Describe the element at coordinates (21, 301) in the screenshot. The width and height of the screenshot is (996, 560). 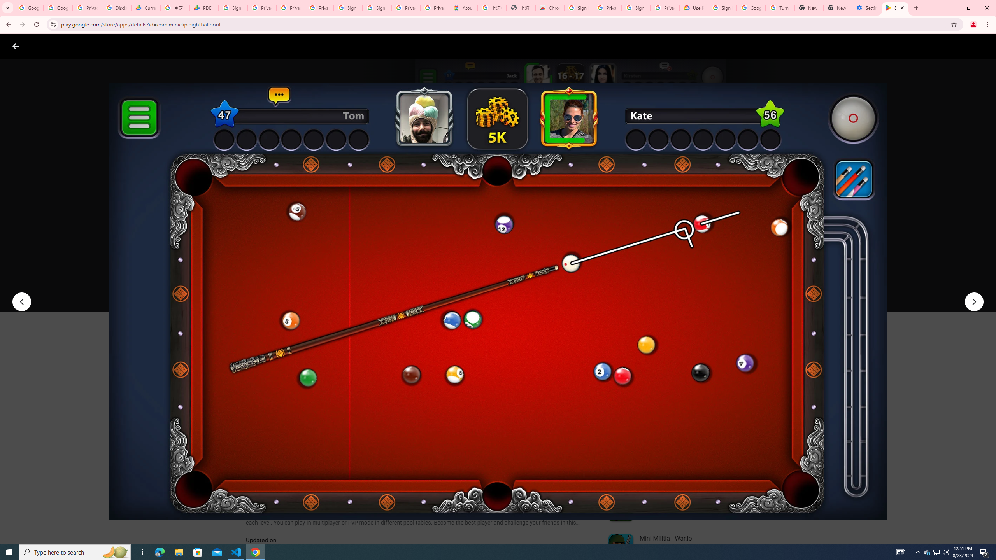
I see `'Previous'` at that location.